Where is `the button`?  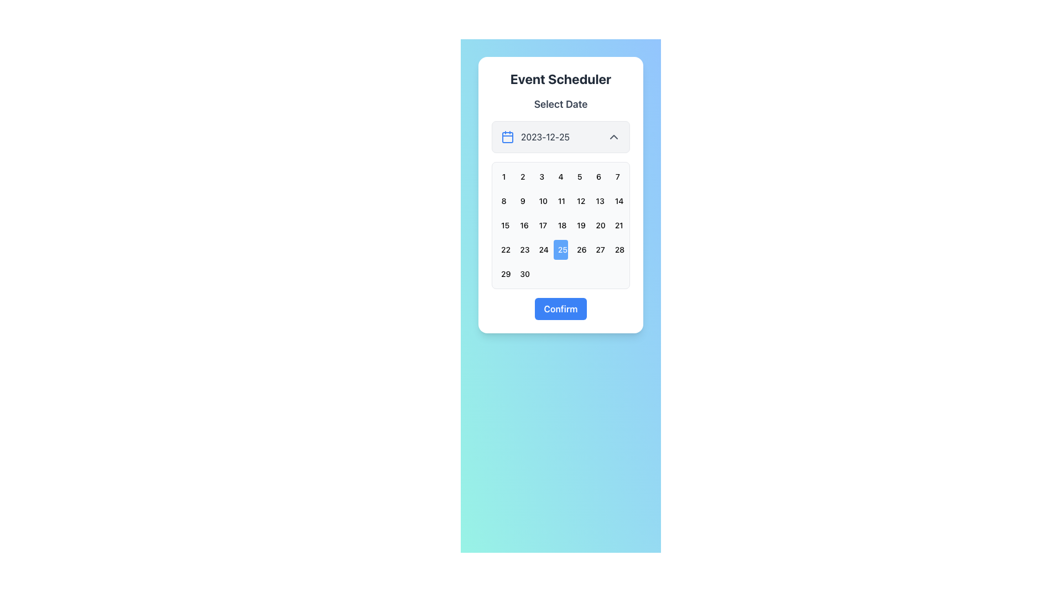 the button is located at coordinates (542, 176).